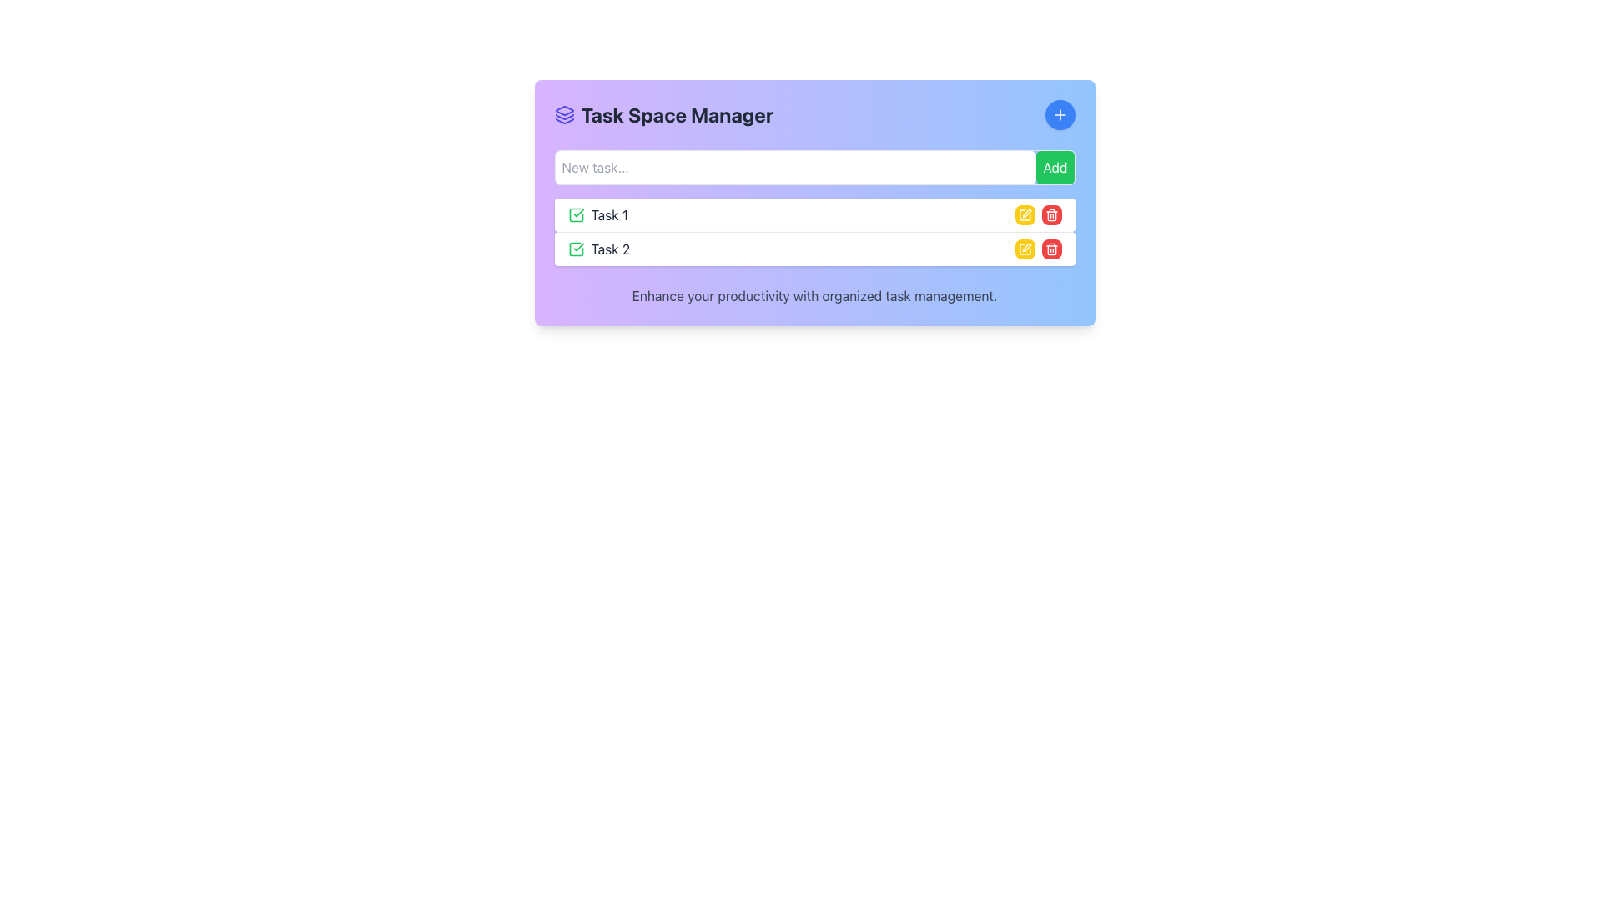  What do you see at coordinates (1050, 214) in the screenshot?
I see `the trash bin icon button located on the right side of the task row labeled 'Task 2'` at bounding box center [1050, 214].